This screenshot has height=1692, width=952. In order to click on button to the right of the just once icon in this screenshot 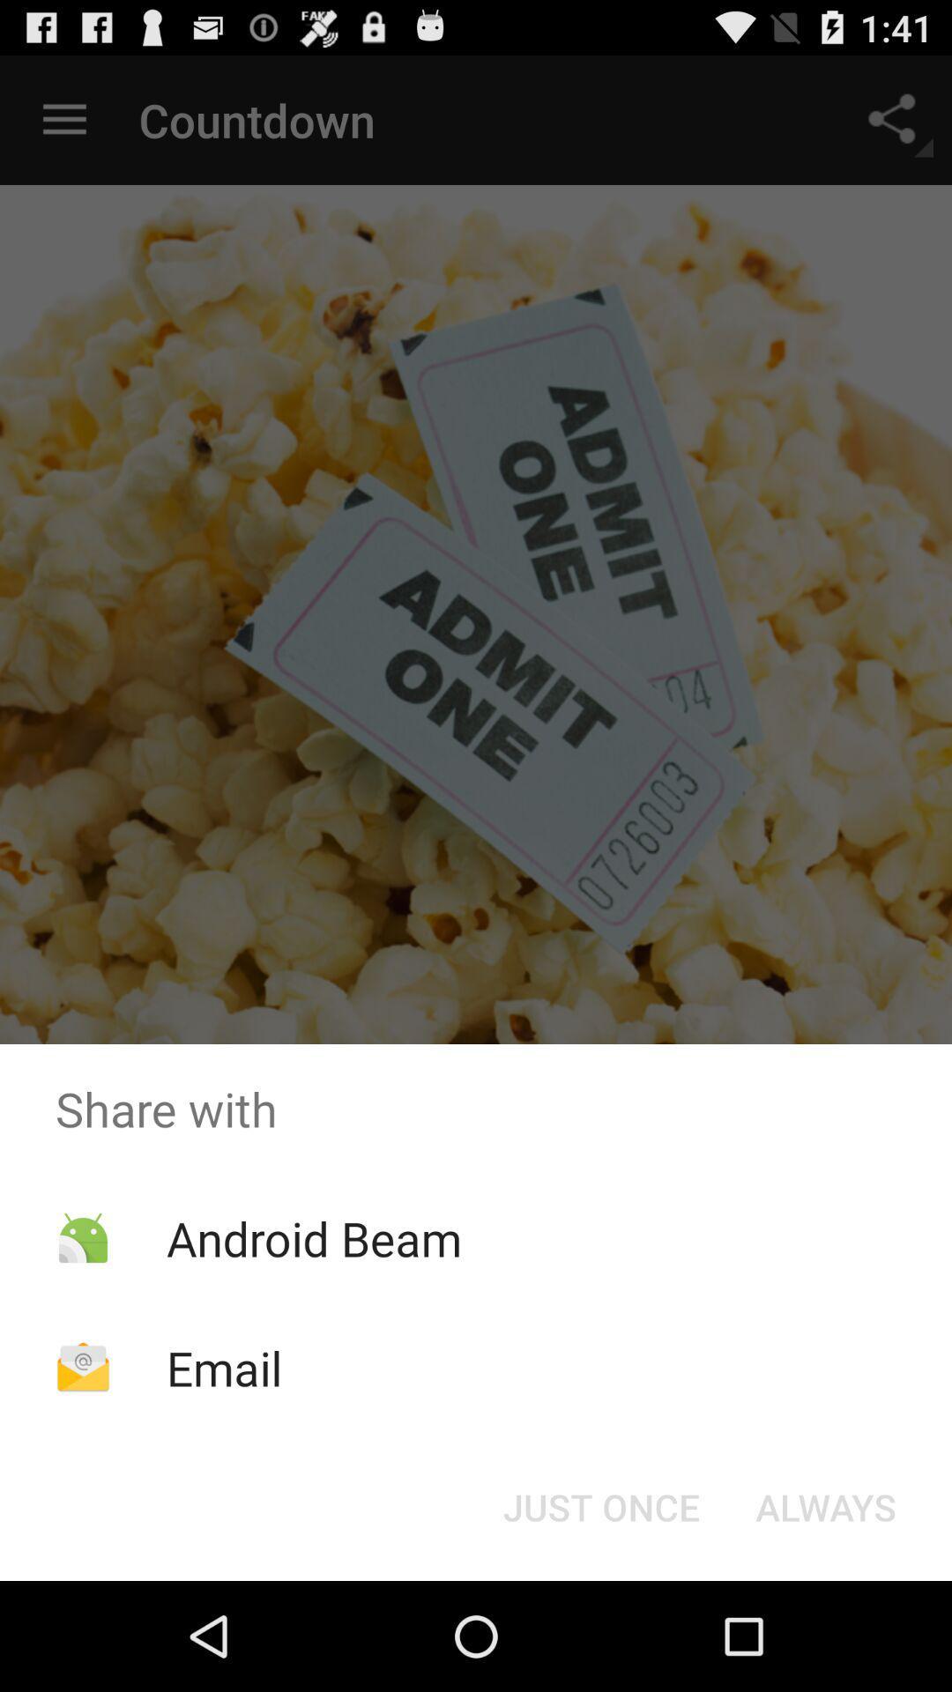, I will do `click(826, 1505)`.